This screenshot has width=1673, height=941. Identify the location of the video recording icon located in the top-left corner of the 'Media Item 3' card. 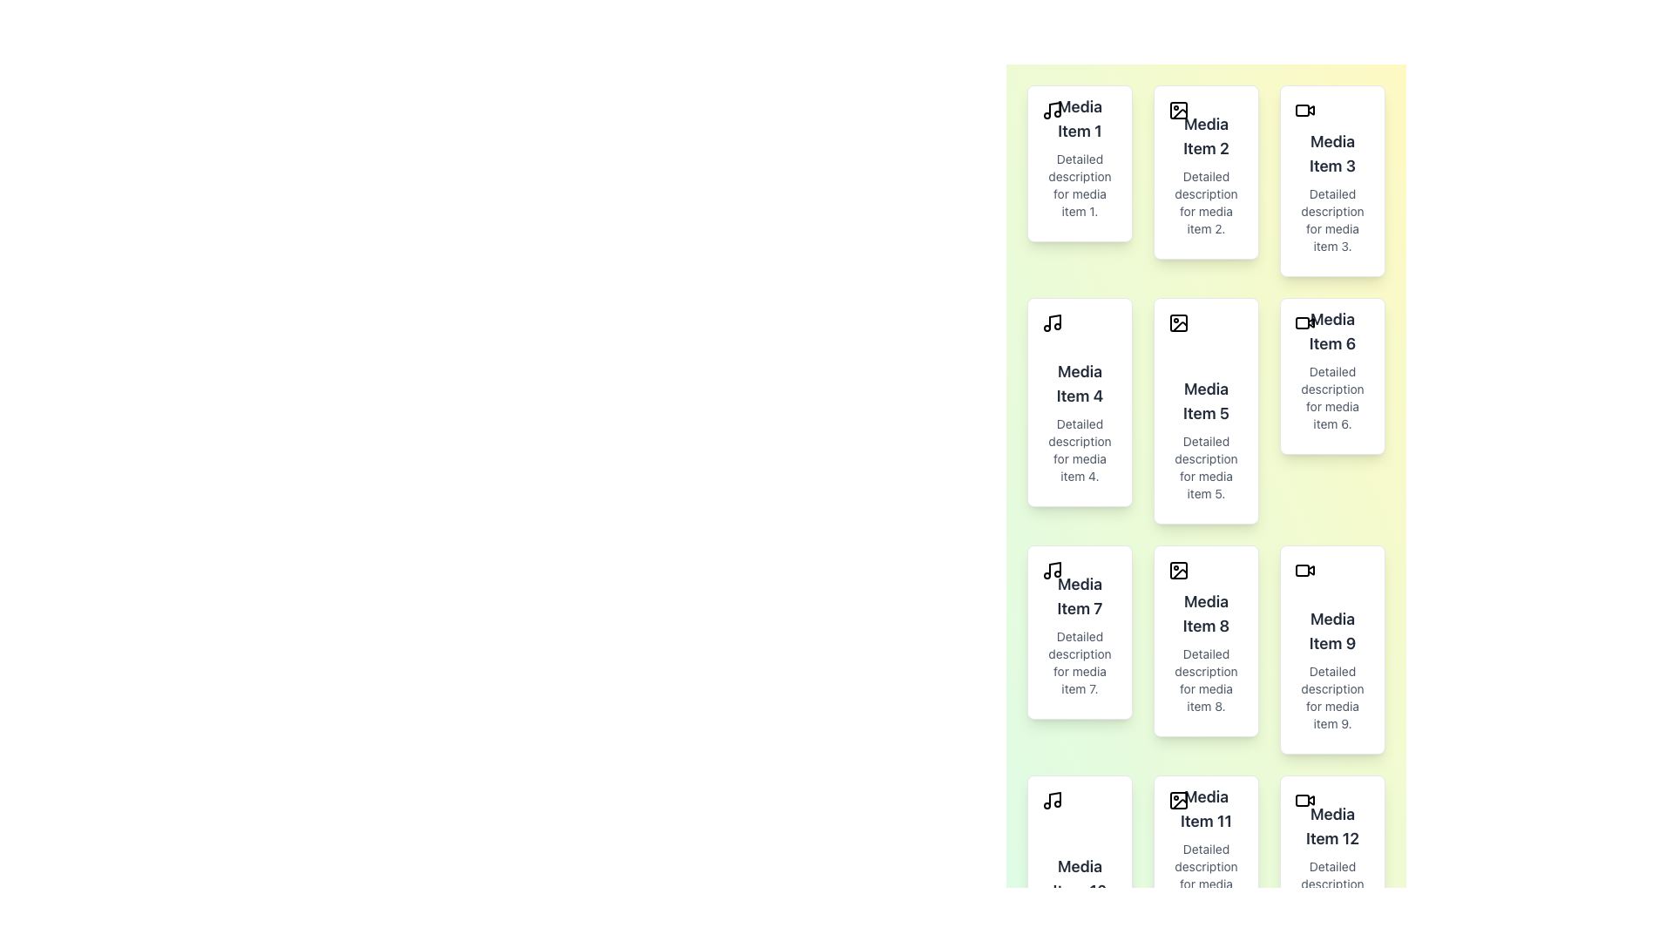
(1304, 111).